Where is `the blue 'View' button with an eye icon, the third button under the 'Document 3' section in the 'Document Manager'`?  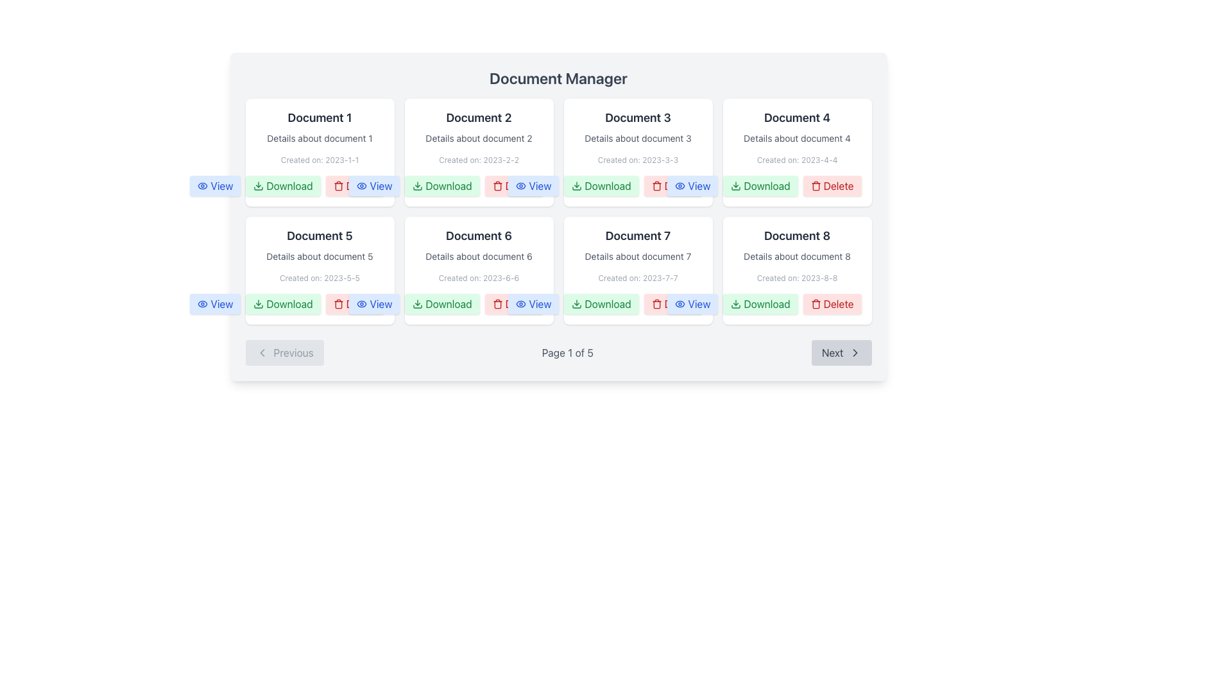
the blue 'View' button with an eye icon, the third button under the 'Document 3' section in the 'Document Manager' is located at coordinates (373, 185).